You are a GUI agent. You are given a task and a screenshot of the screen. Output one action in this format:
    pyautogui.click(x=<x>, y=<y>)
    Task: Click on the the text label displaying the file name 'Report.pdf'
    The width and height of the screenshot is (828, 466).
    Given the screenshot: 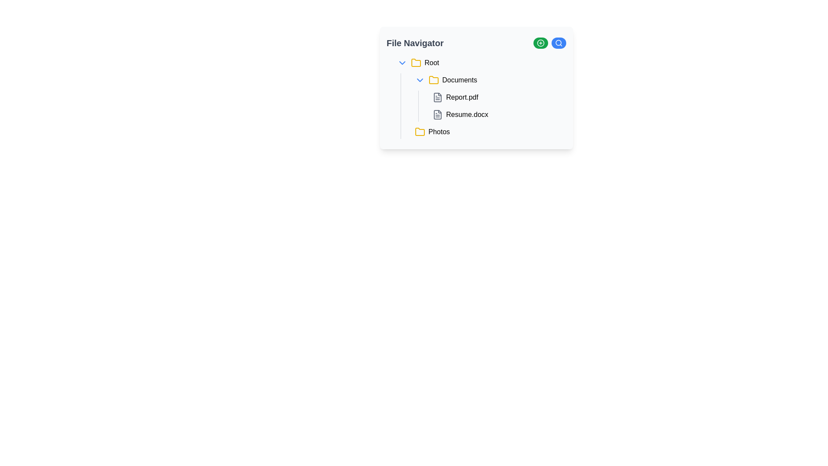 What is the action you would take?
    pyautogui.click(x=461, y=97)
    